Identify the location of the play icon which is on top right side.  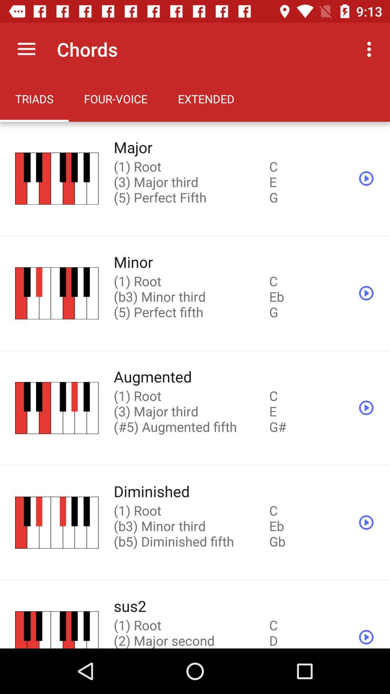
(366, 179).